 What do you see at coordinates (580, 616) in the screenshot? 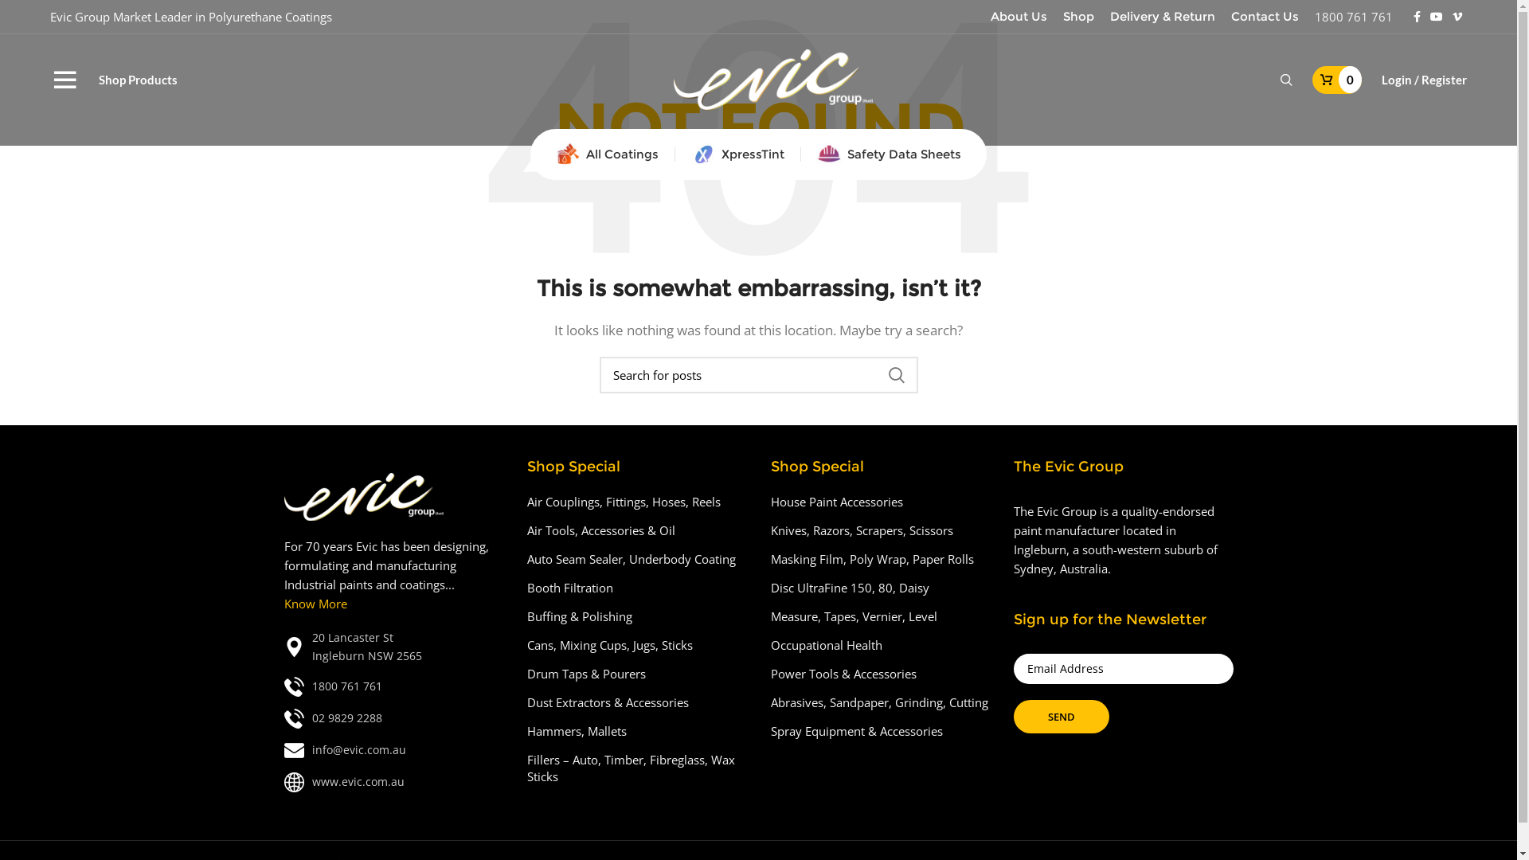
I see `'Buffing & Polishing'` at bounding box center [580, 616].